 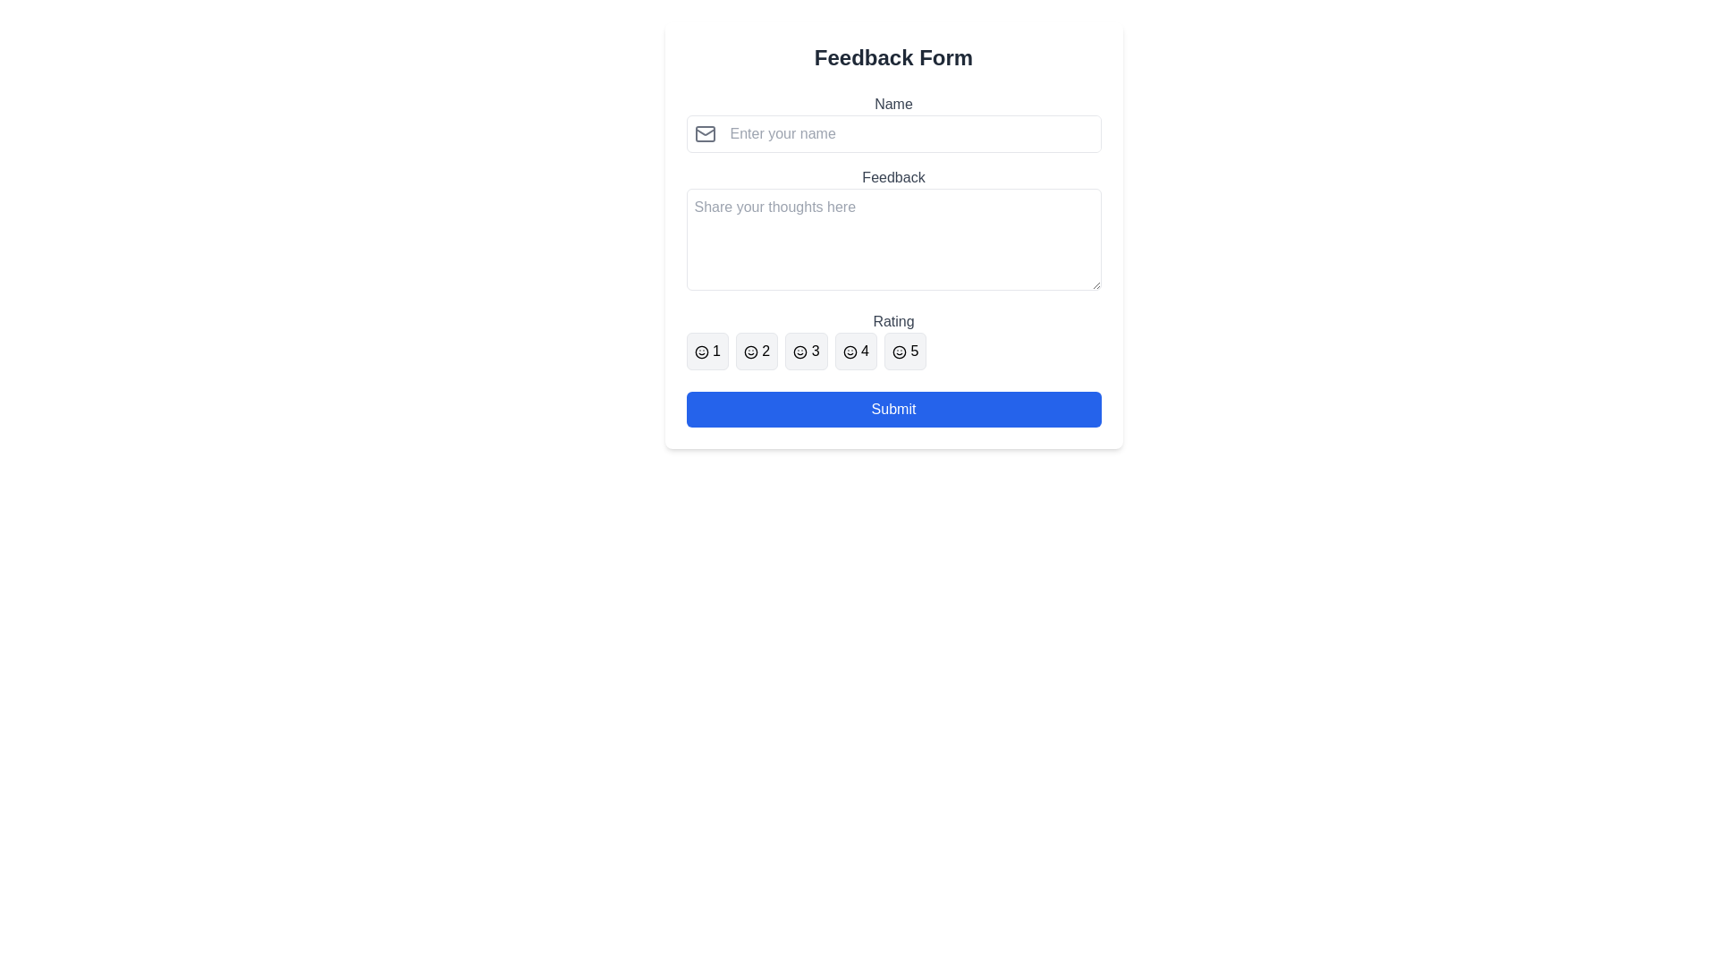 I want to click on the gray mail icon, which is a rounded rectangular envelope shape with a diagonal flap, located to the left of the 'Name' input field in the feedback form, so click(x=704, y=133).